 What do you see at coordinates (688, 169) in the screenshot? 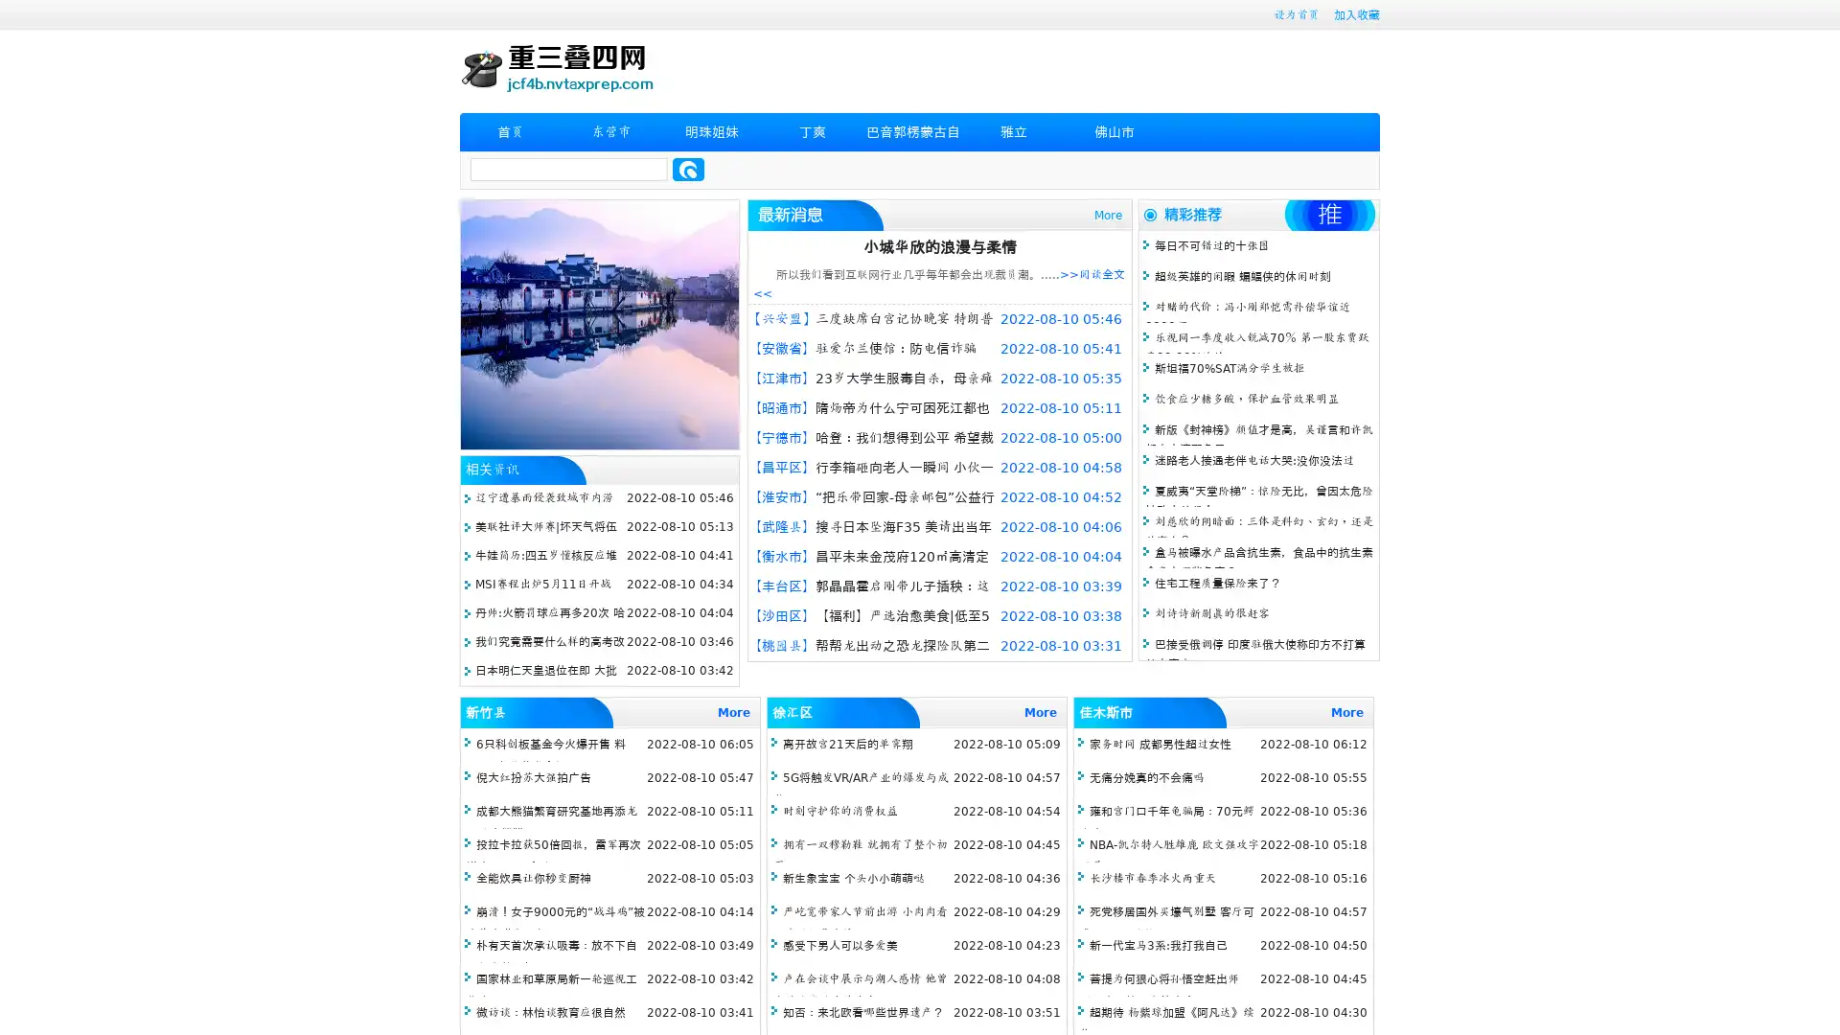
I see `Search` at bounding box center [688, 169].